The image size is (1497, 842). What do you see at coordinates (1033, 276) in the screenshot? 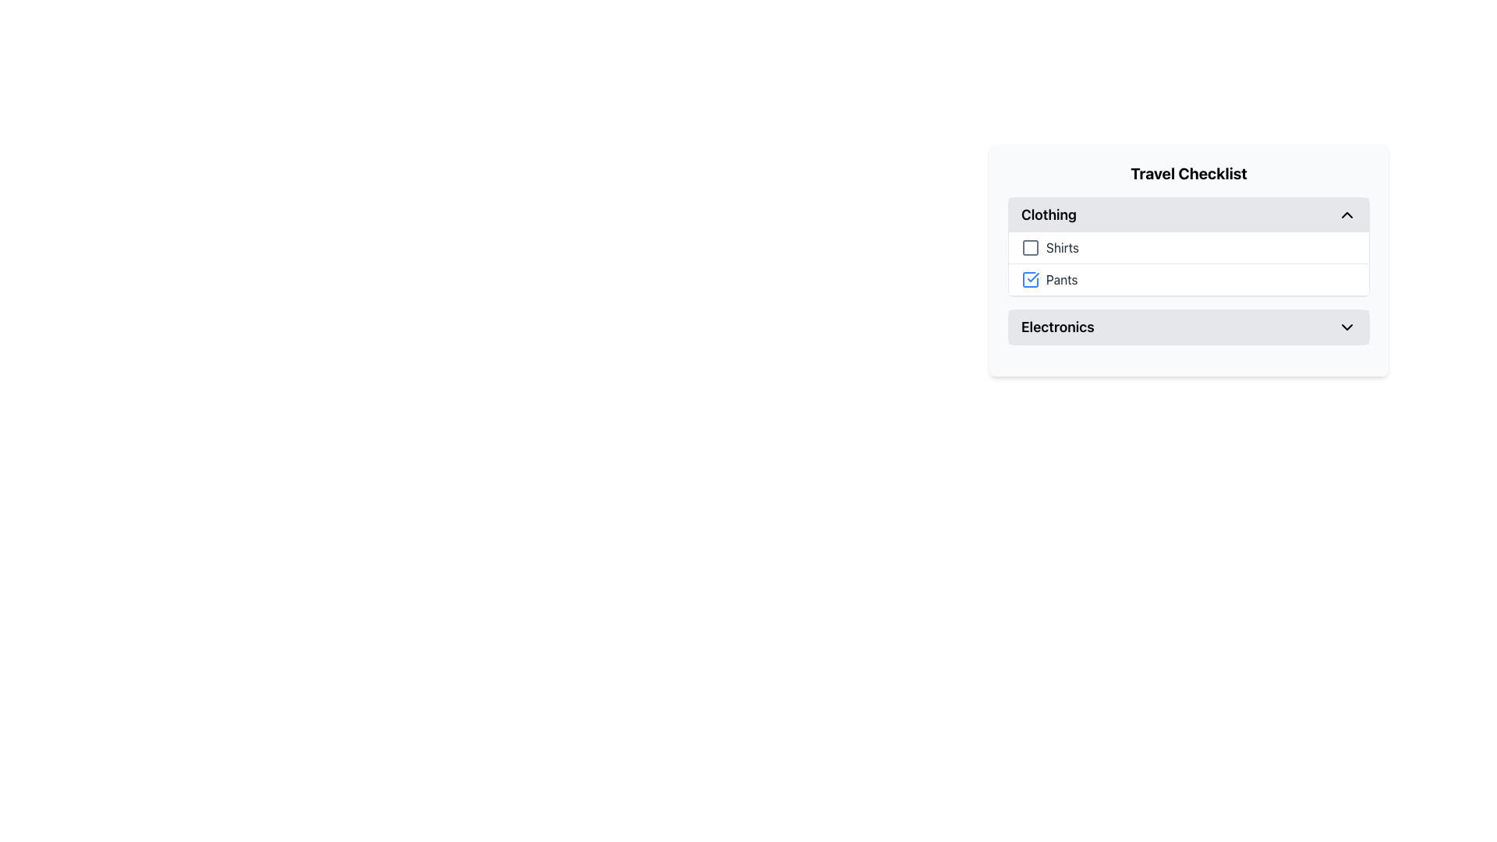
I see `the Checkmark Icon indicating an active selection for the 'Pants' label in the 'Clothing' section of the 'Travel Checklist'` at bounding box center [1033, 276].